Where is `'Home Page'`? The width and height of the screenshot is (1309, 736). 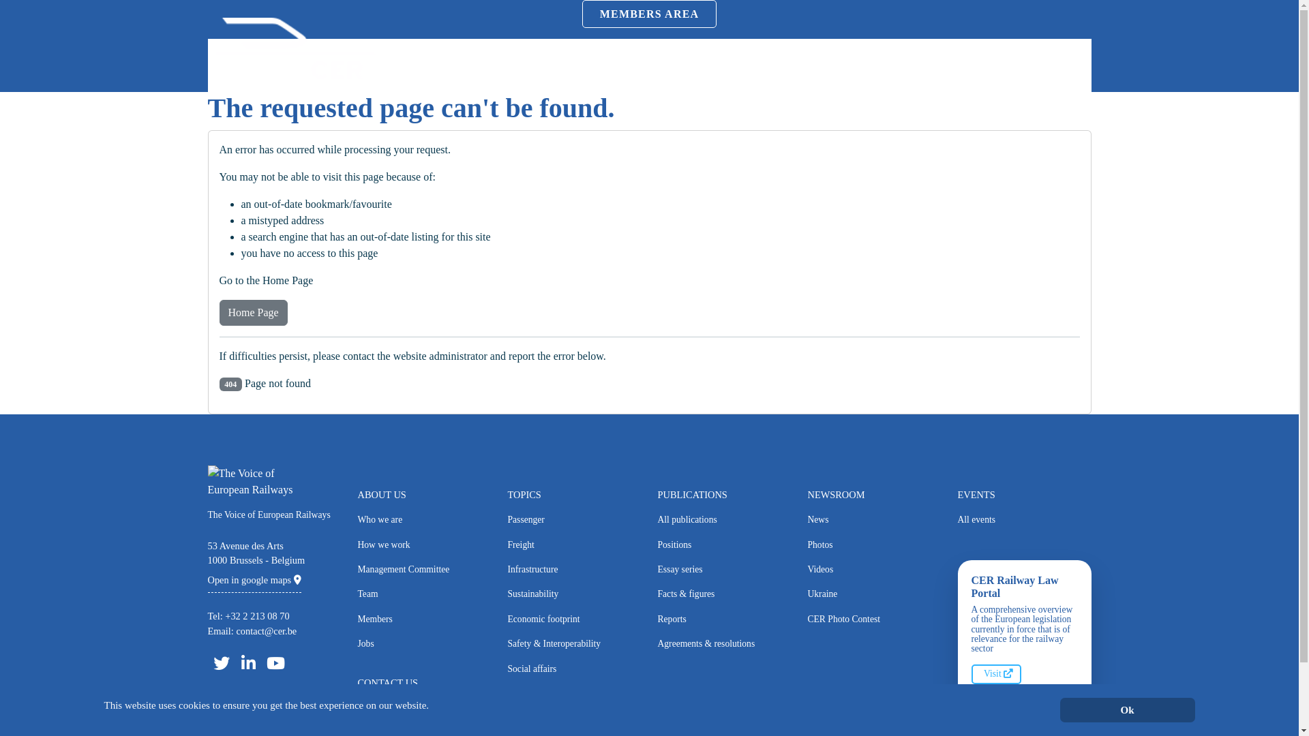
'Home Page' is located at coordinates (253, 313).